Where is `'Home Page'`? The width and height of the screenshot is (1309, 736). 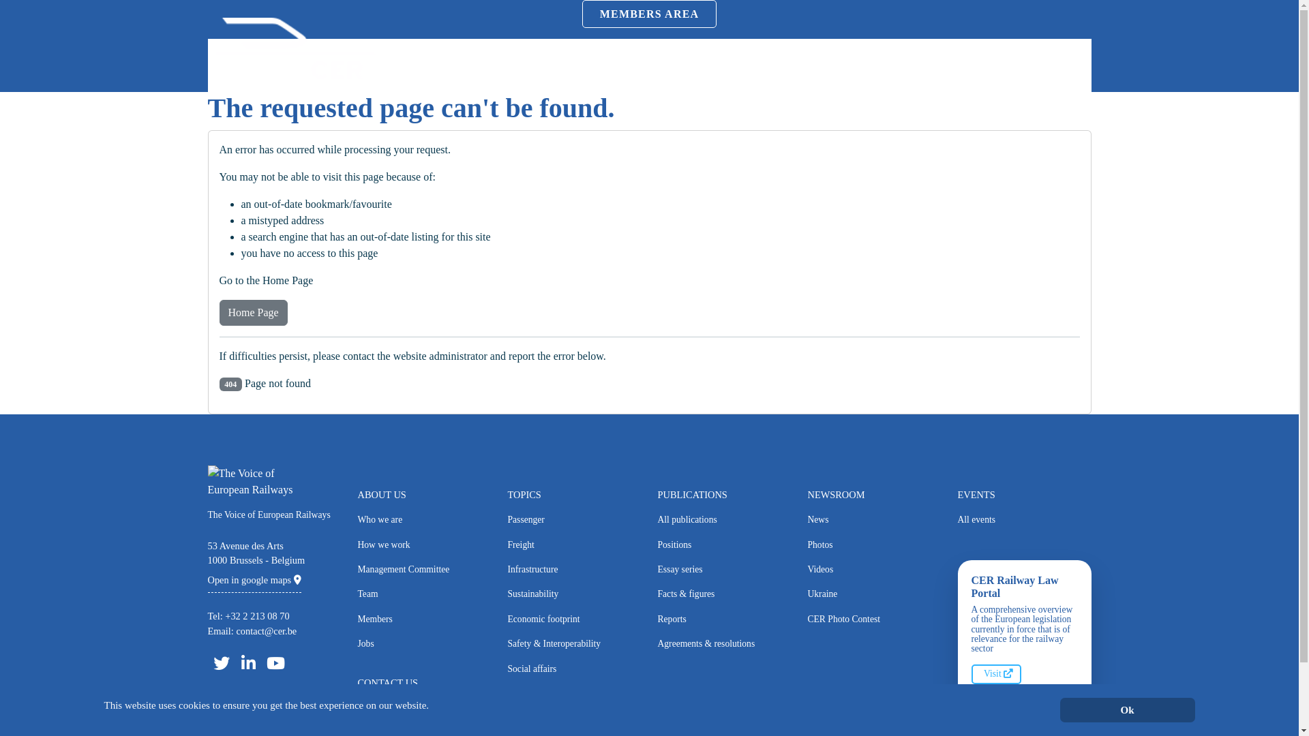
'Home Page' is located at coordinates (253, 313).